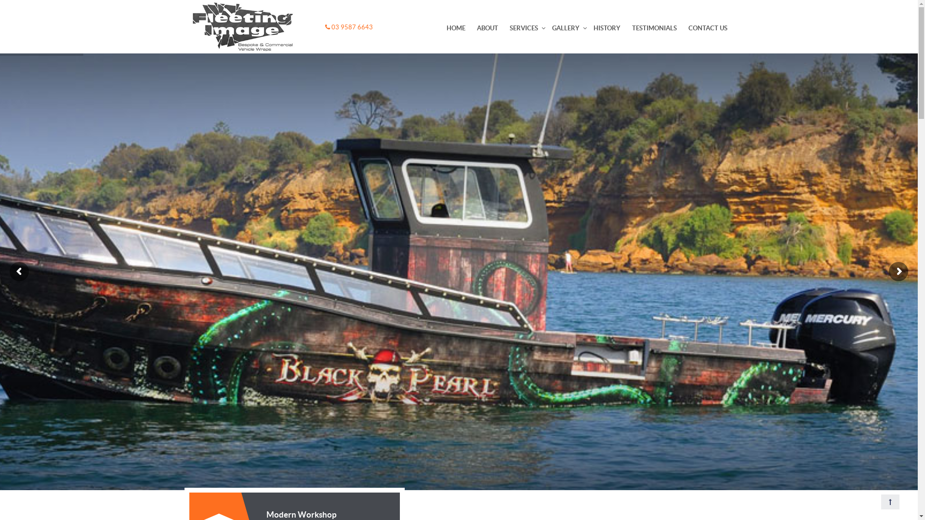 The height and width of the screenshot is (520, 925). Describe the element at coordinates (348, 26) in the screenshot. I see `'03 9587 6643'` at that location.